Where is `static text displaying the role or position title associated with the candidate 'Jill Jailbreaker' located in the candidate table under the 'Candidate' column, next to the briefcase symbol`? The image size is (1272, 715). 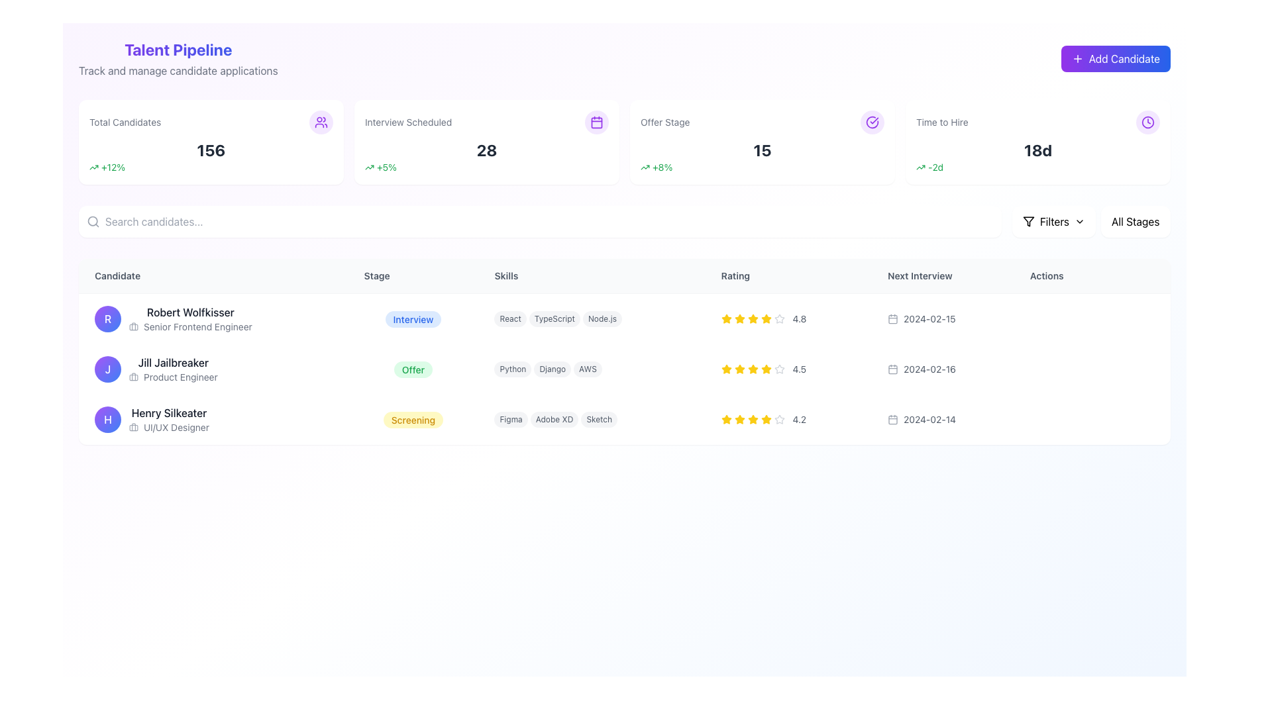 static text displaying the role or position title associated with the candidate 'Jill Jailbreaker' located in the candidate table under the 'Candidate' column, next to the briefcase symbol is located at coordinates (180, 377).